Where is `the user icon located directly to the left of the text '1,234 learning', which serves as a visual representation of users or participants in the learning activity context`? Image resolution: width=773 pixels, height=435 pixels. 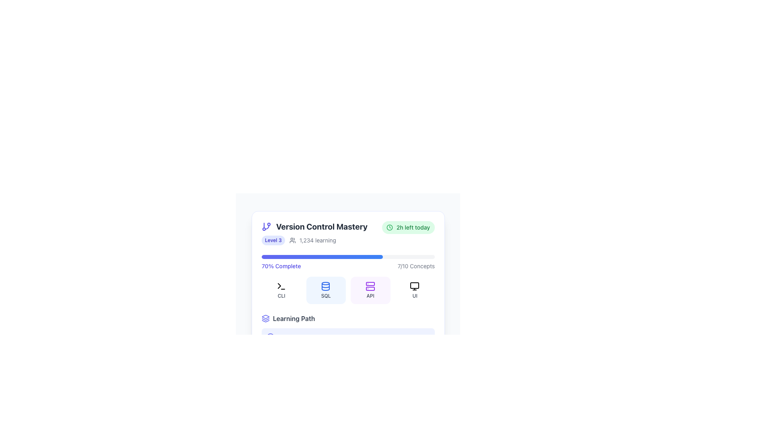
the user icon located directly to the left of the text '1,234 learning', which serves as a visual representation of users or participants in the learning activity context is located at coordinates (292, 240).